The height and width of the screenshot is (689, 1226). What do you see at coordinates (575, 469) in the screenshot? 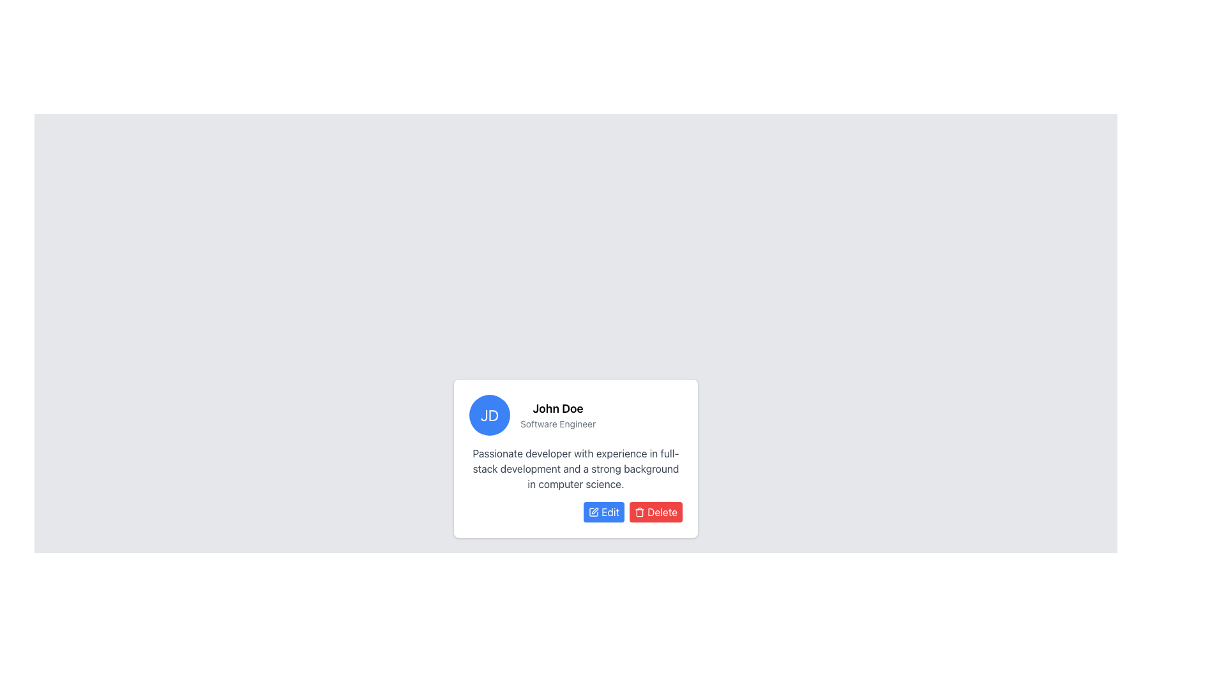
I see `text from the Text Block that contains the paragraph 'Passionate developer with experience in full-stack development and a strong background in computer science.' located below the name 'John Doe' and title 'Software Engineer' in the profile card` at bounding box center [575, 469].